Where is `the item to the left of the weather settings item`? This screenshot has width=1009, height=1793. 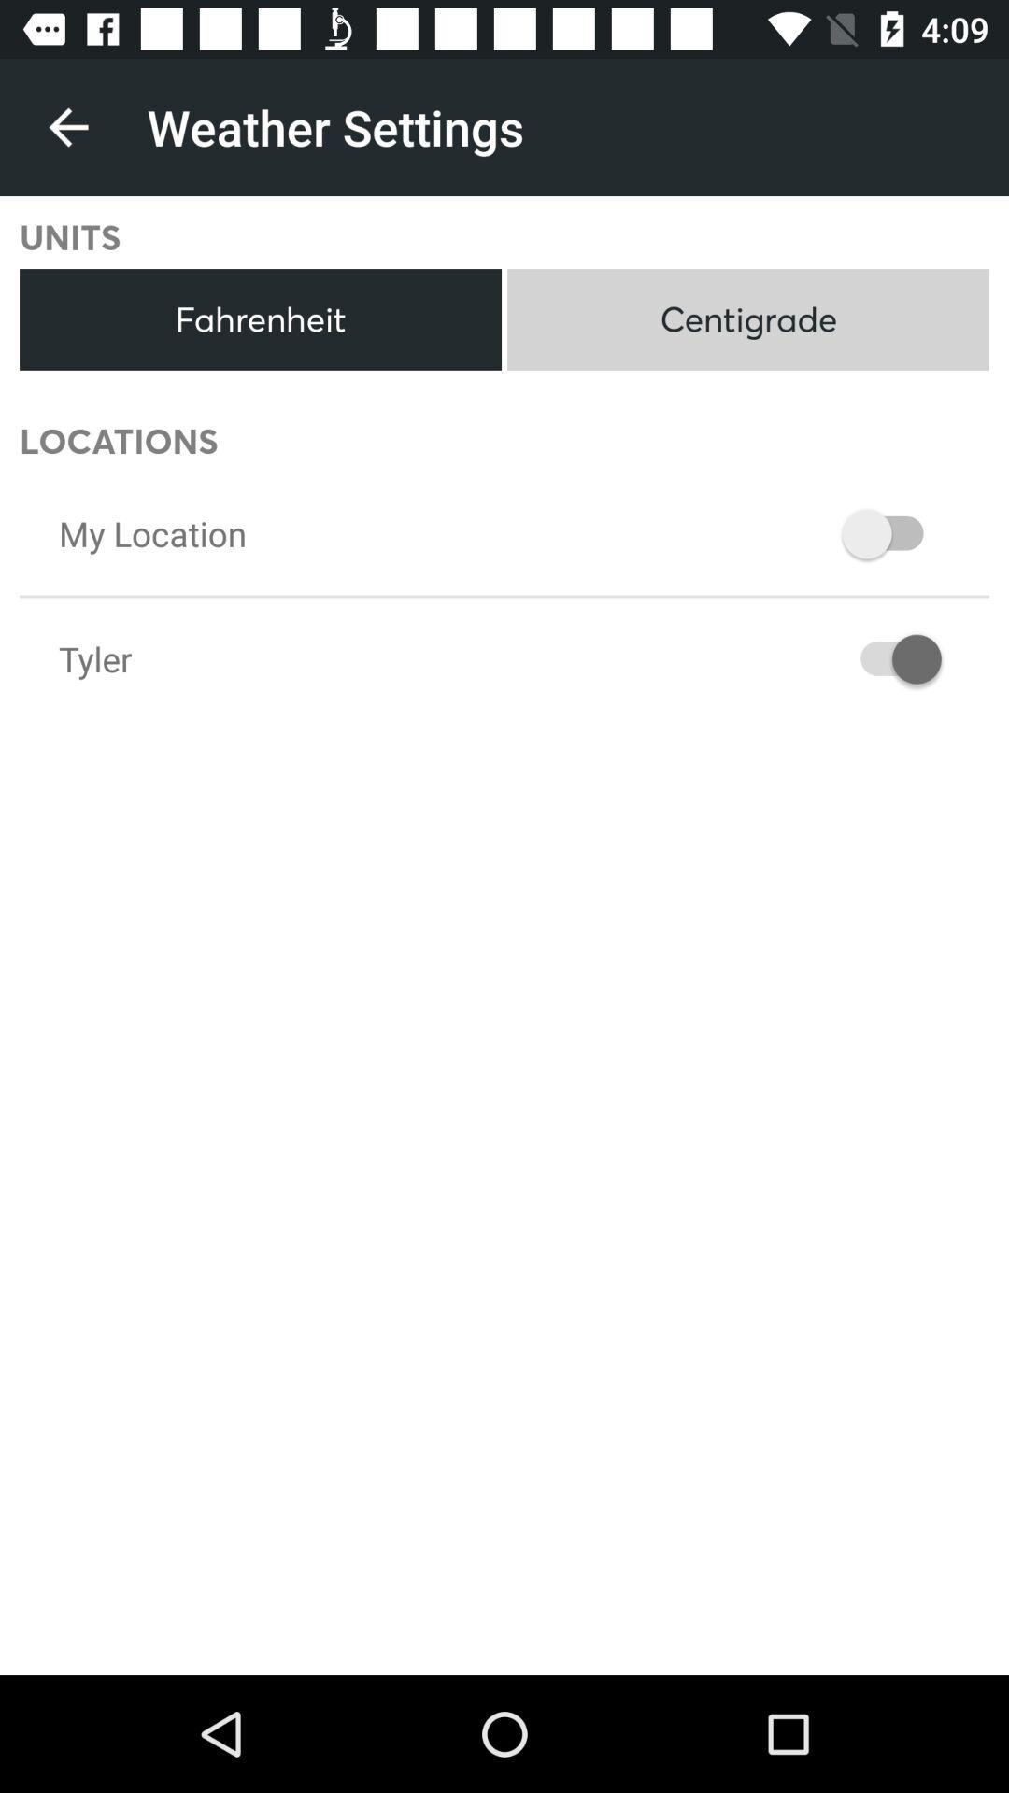 the item to the left of the weather settings item is located at coordinates (67, 126).